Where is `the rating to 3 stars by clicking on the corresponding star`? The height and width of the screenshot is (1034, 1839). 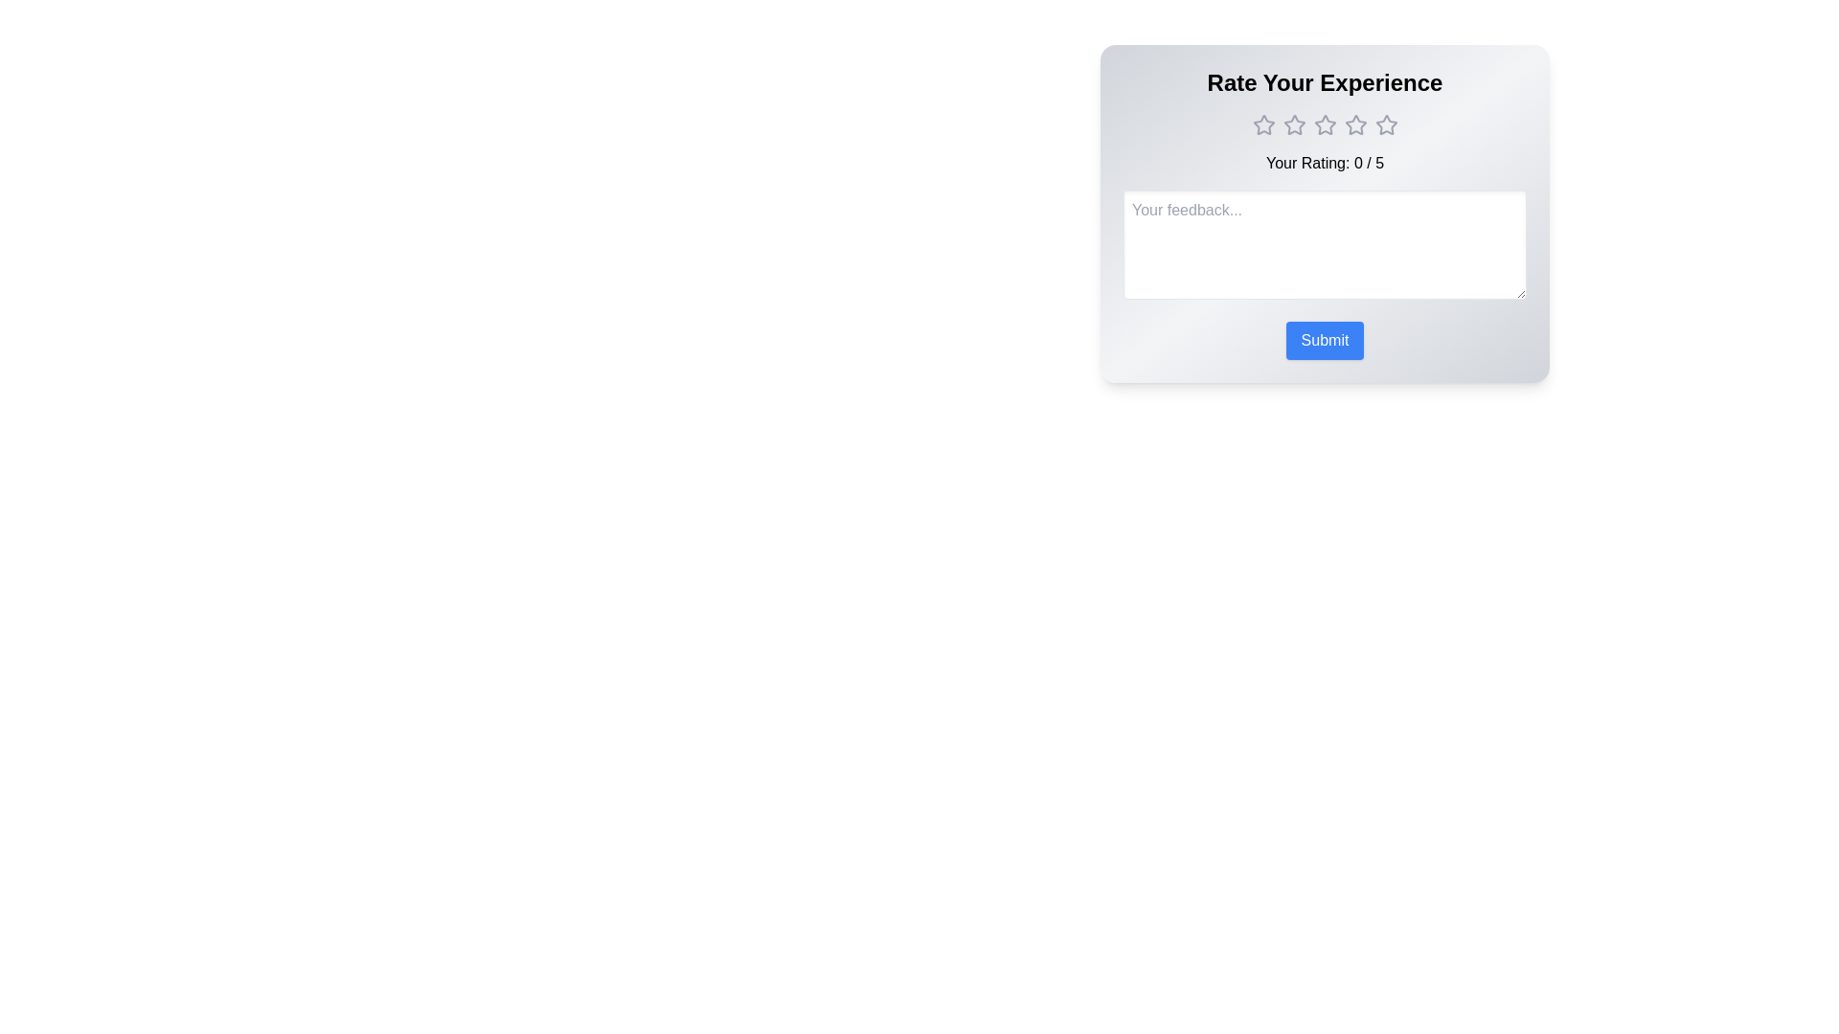
the rating to 3 stars by clicking on the corresponding star is located at coordinates (1324, 125).